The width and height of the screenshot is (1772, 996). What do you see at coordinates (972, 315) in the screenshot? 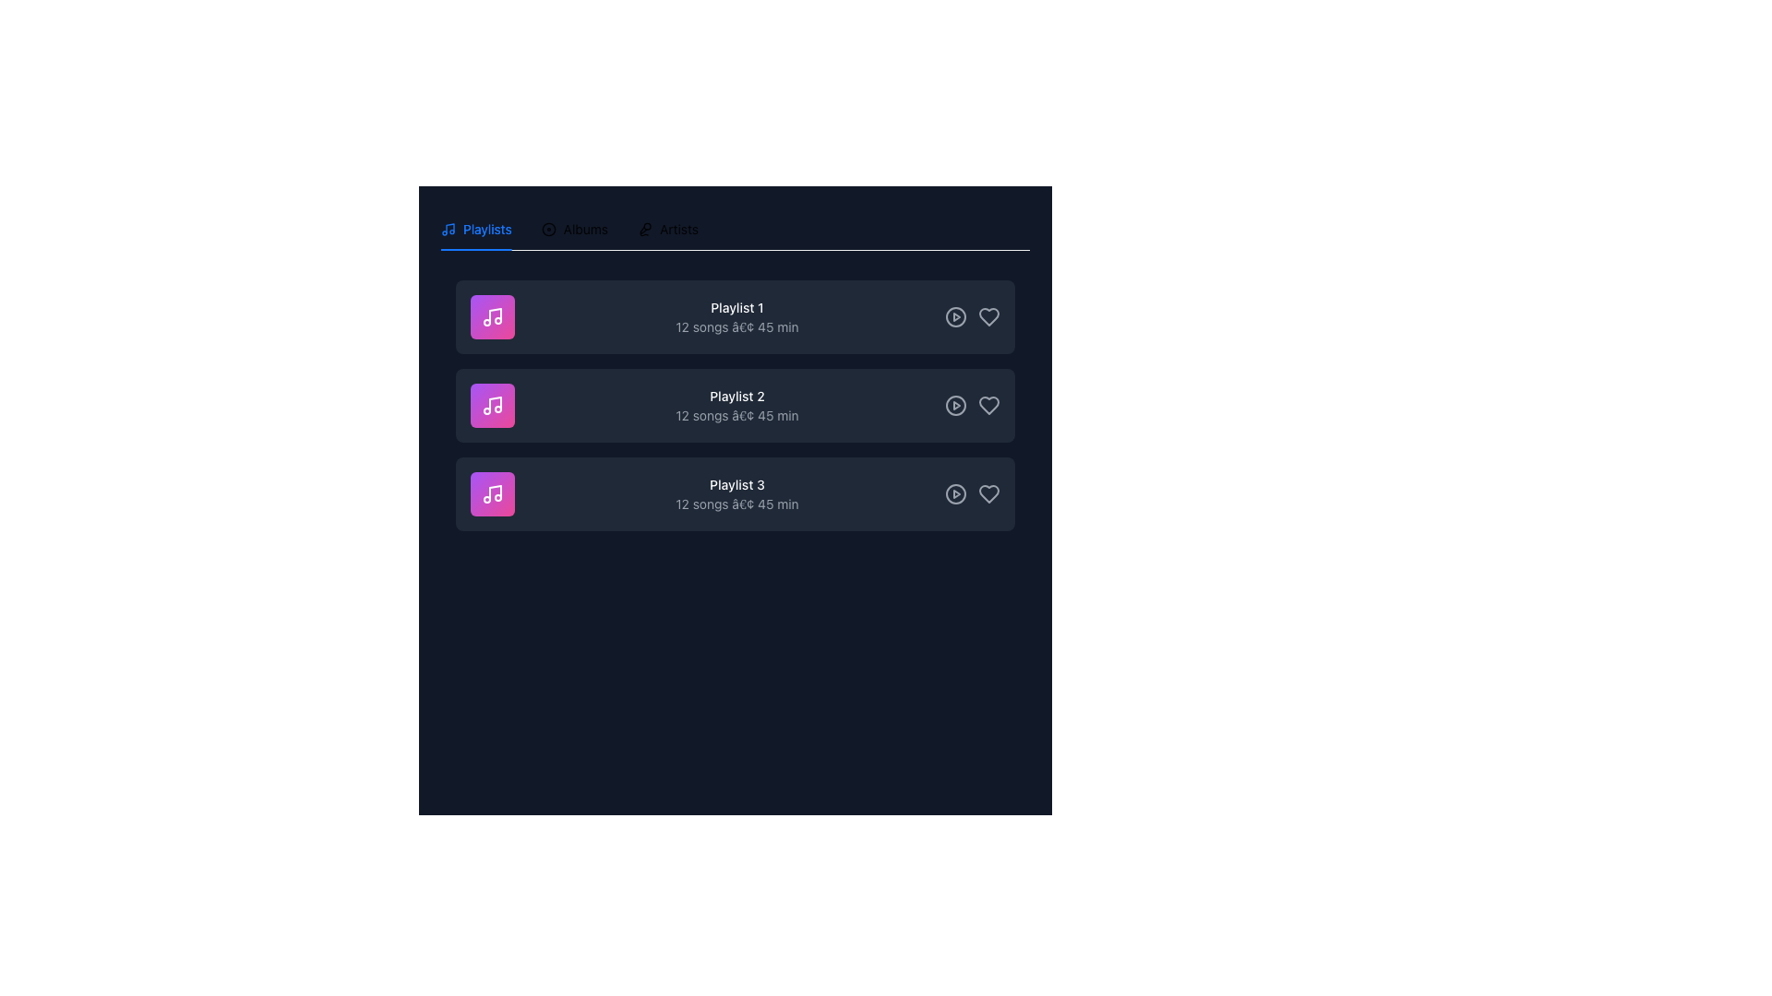
I see `the icon group consisting of a circular play button and a heart outline, located at the rightmost end of the first playlist entry card, to trigger the styling changes` at bounding box center [972, 315].